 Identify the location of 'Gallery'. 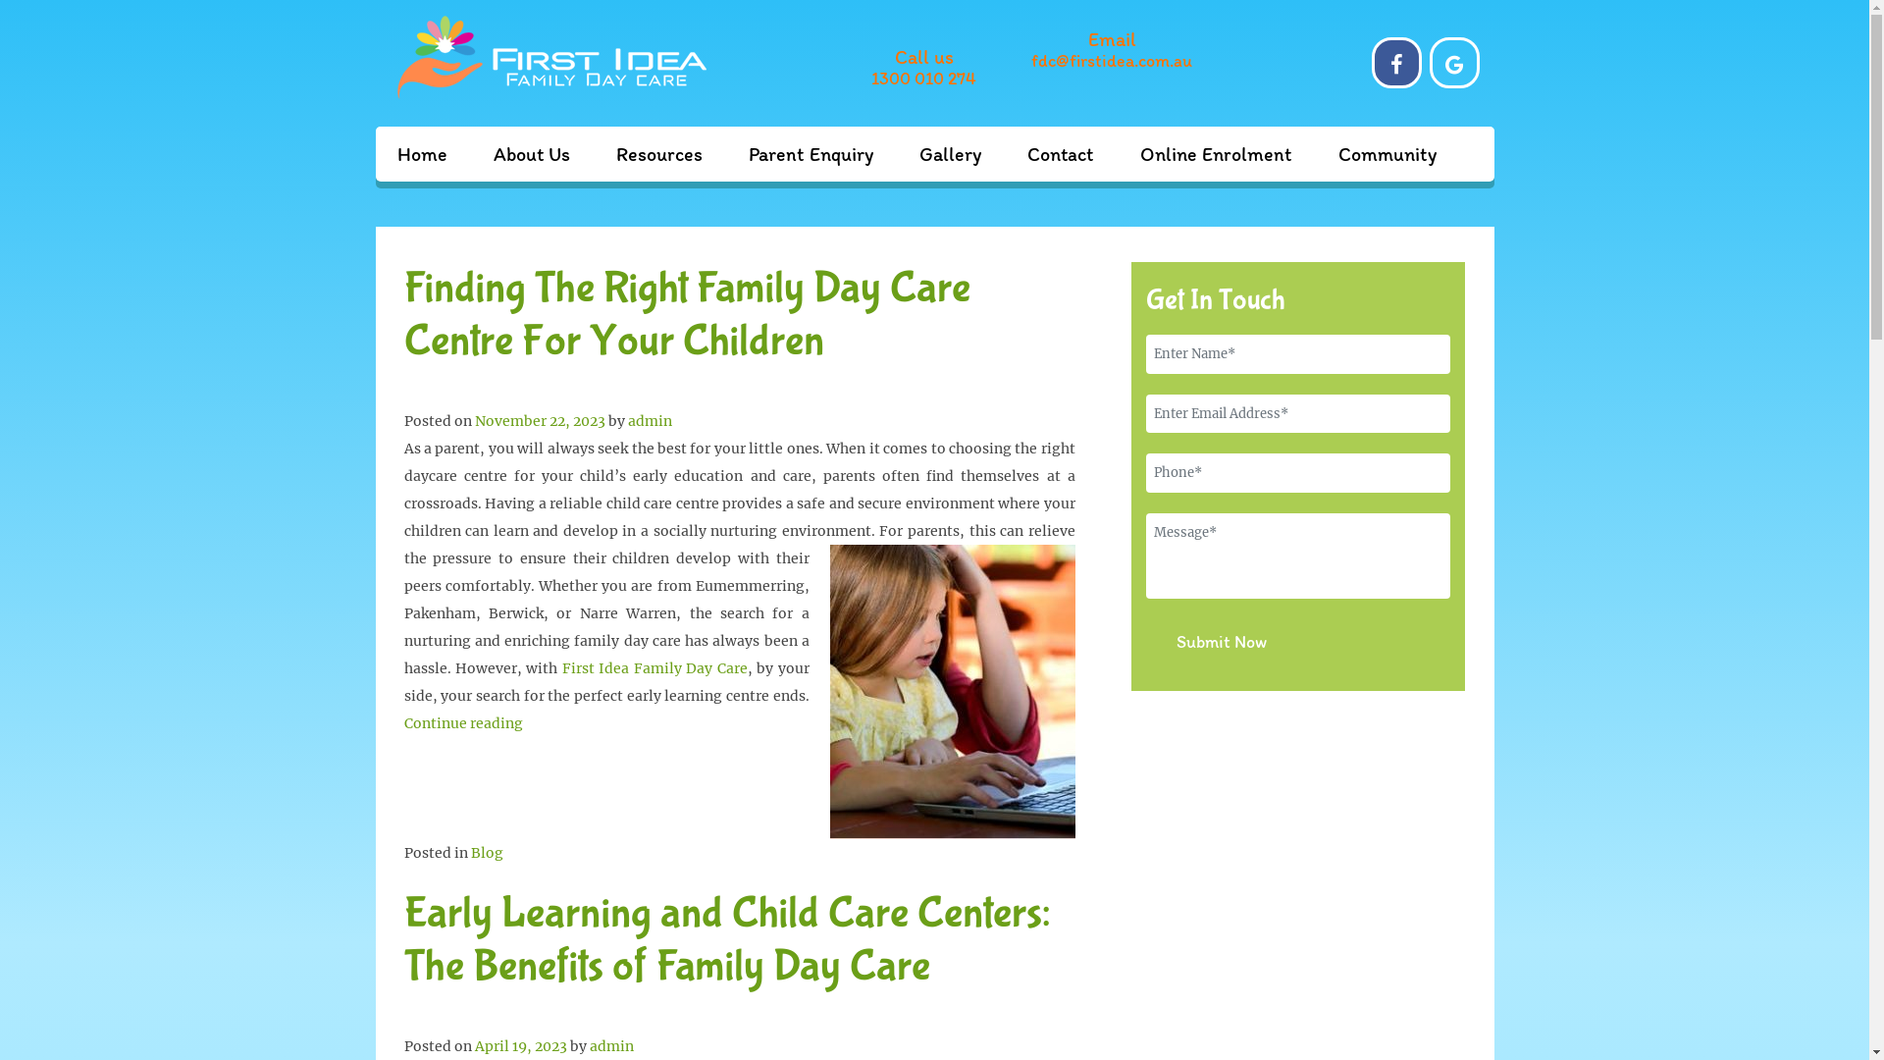
(895, 153).